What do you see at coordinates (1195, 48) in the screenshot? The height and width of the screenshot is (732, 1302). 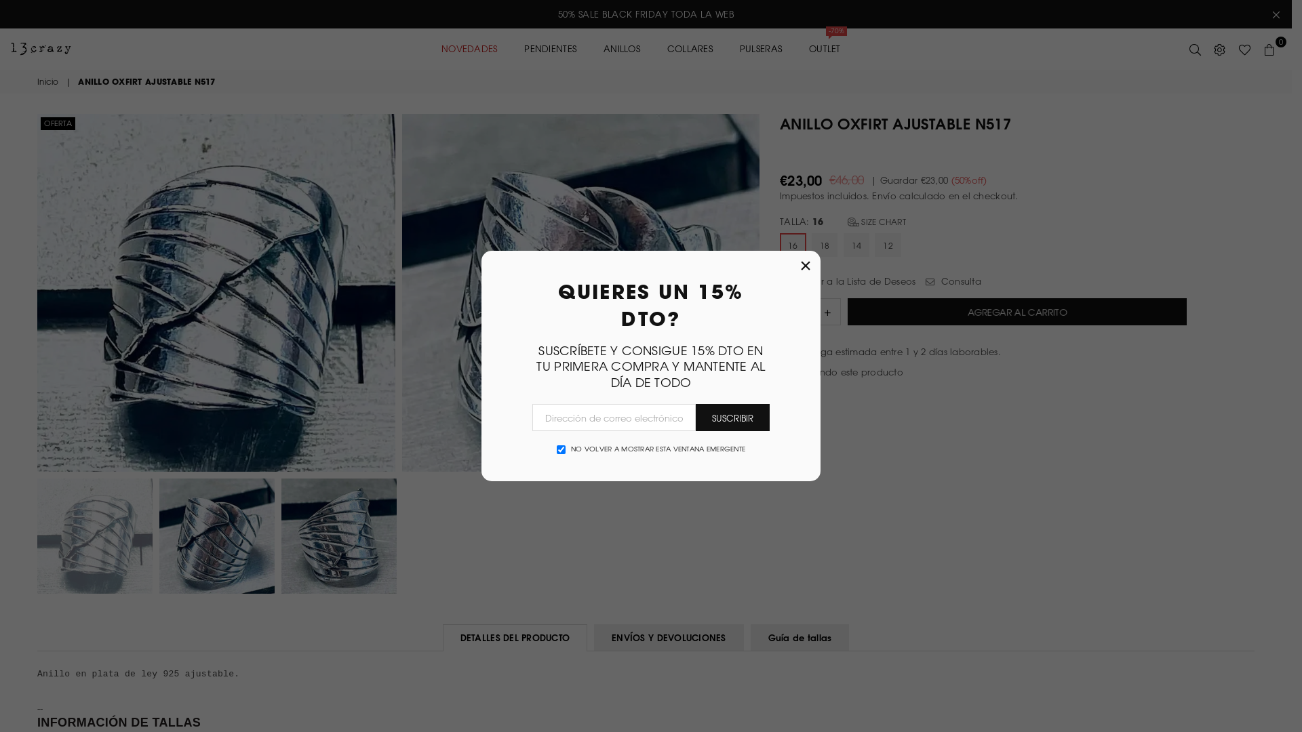 I see `'Buscar'` at bounding box center [1195, 48].